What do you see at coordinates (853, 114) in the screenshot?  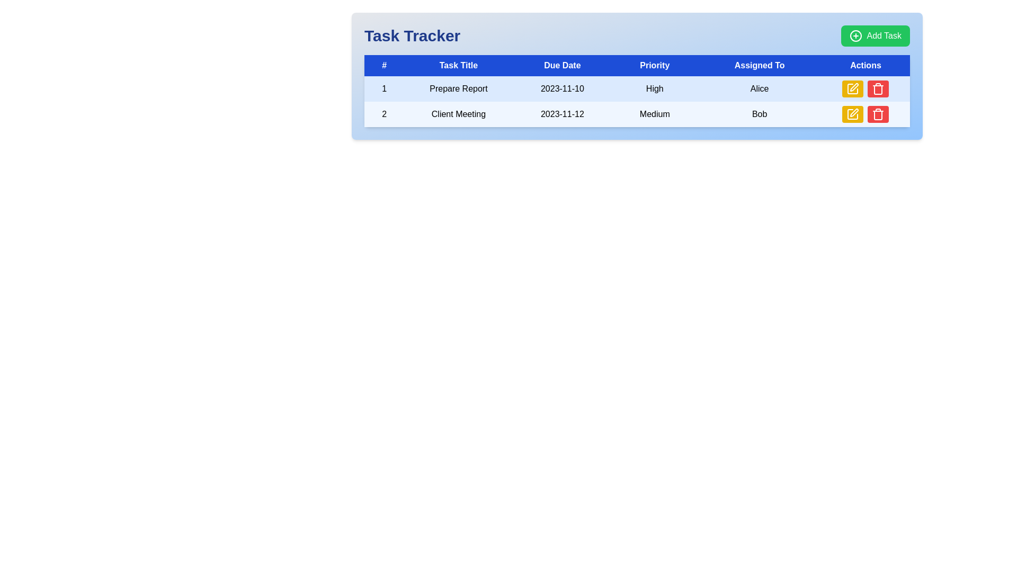 I see `the first button in the 'Actions' column of the second row in the table` at bounding box center [853, 114].